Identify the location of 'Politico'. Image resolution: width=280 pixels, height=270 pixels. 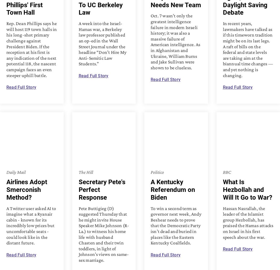
(157, 171).